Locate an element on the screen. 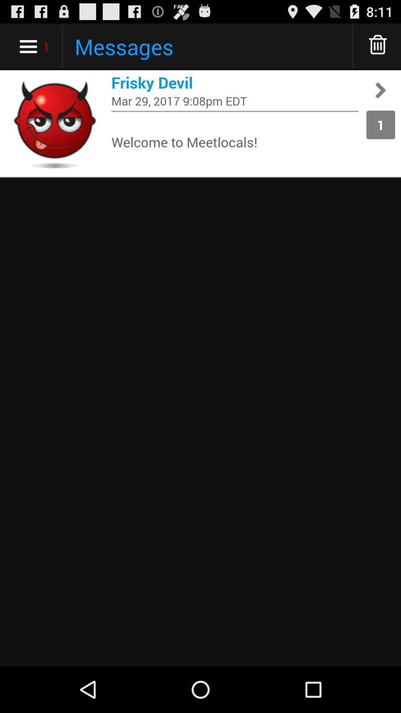 This screenshot has height=713, width=401. the app below mar 29 2017 app is located at coordinates (235, 111).